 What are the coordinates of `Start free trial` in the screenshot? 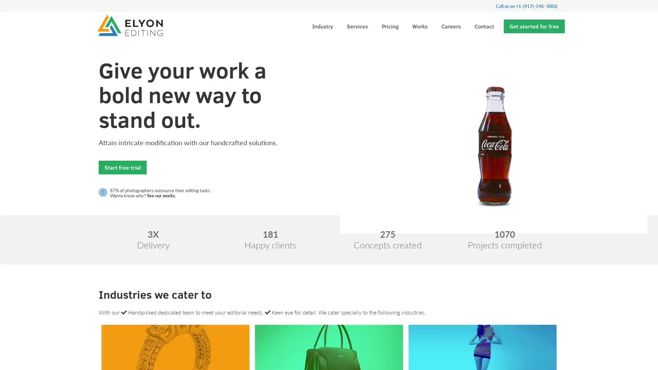 It's located at (123, 167).